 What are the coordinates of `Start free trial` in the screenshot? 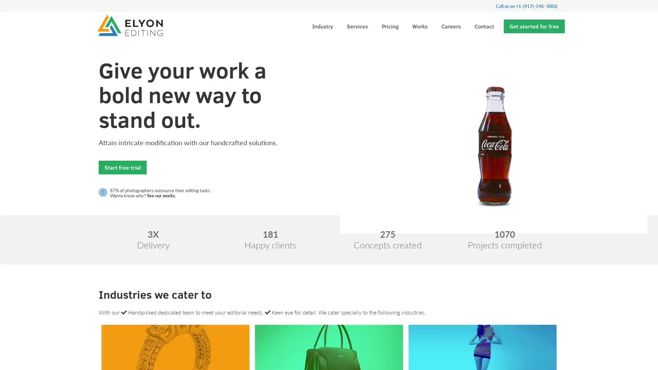 It's located at (123, 167).